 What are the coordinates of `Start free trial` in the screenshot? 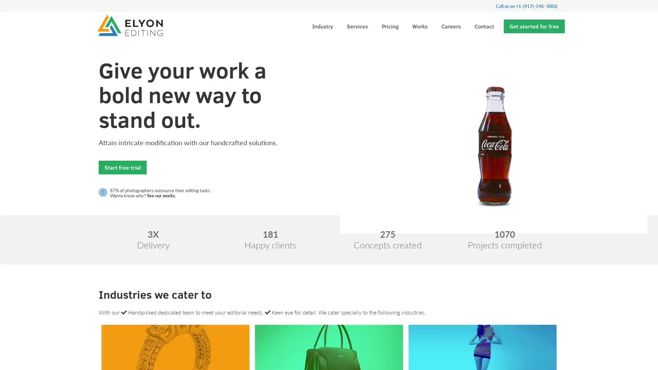 It's located at (123, 167).